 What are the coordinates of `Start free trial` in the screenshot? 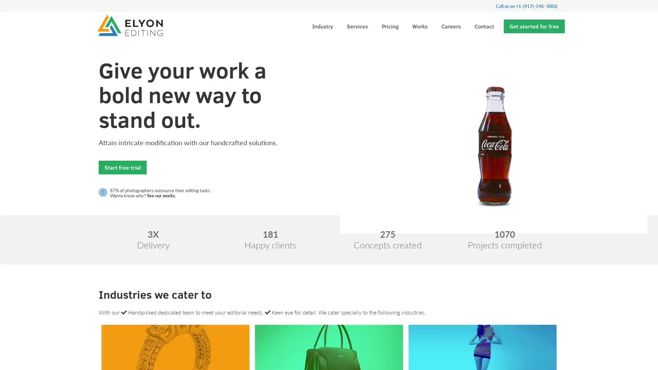 It's located at (123, 167).